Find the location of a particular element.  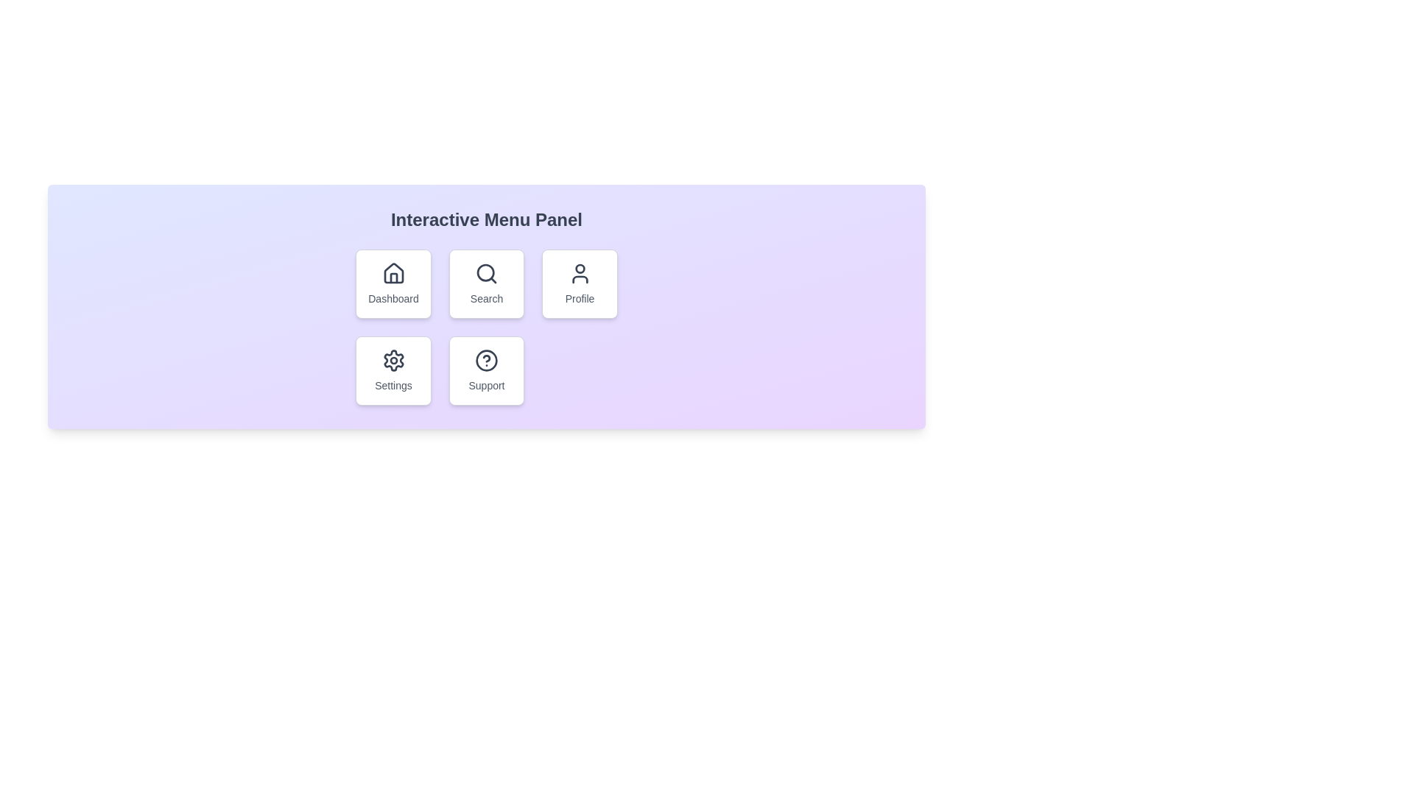

the decorative graphical element that represents the 'Support' functionality, located centrally within the 'Support' icon in the second row and second column of the grid layout of icons is located at coordinates (487, 360).